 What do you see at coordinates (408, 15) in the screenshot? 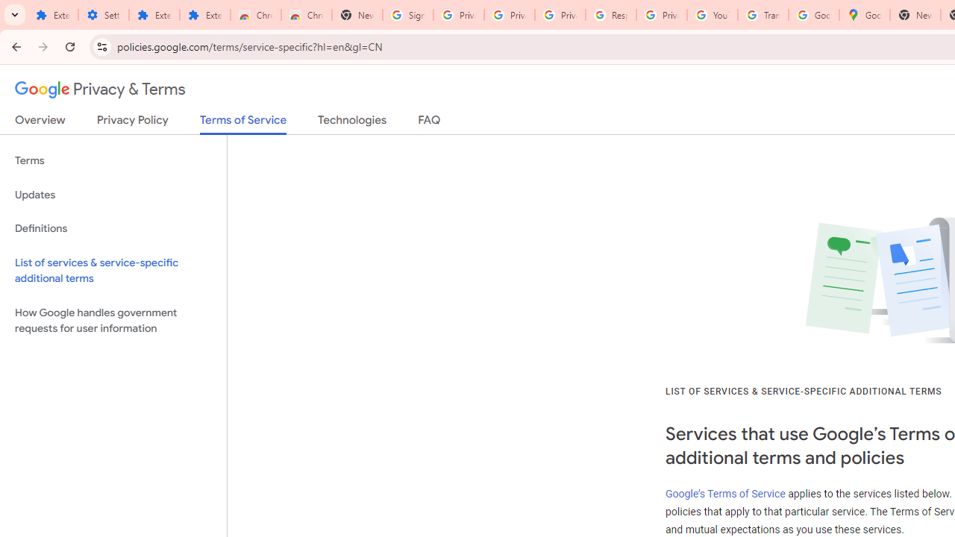
I see `'Sign in - Google Accounts'` at bounding box center [408, 15].